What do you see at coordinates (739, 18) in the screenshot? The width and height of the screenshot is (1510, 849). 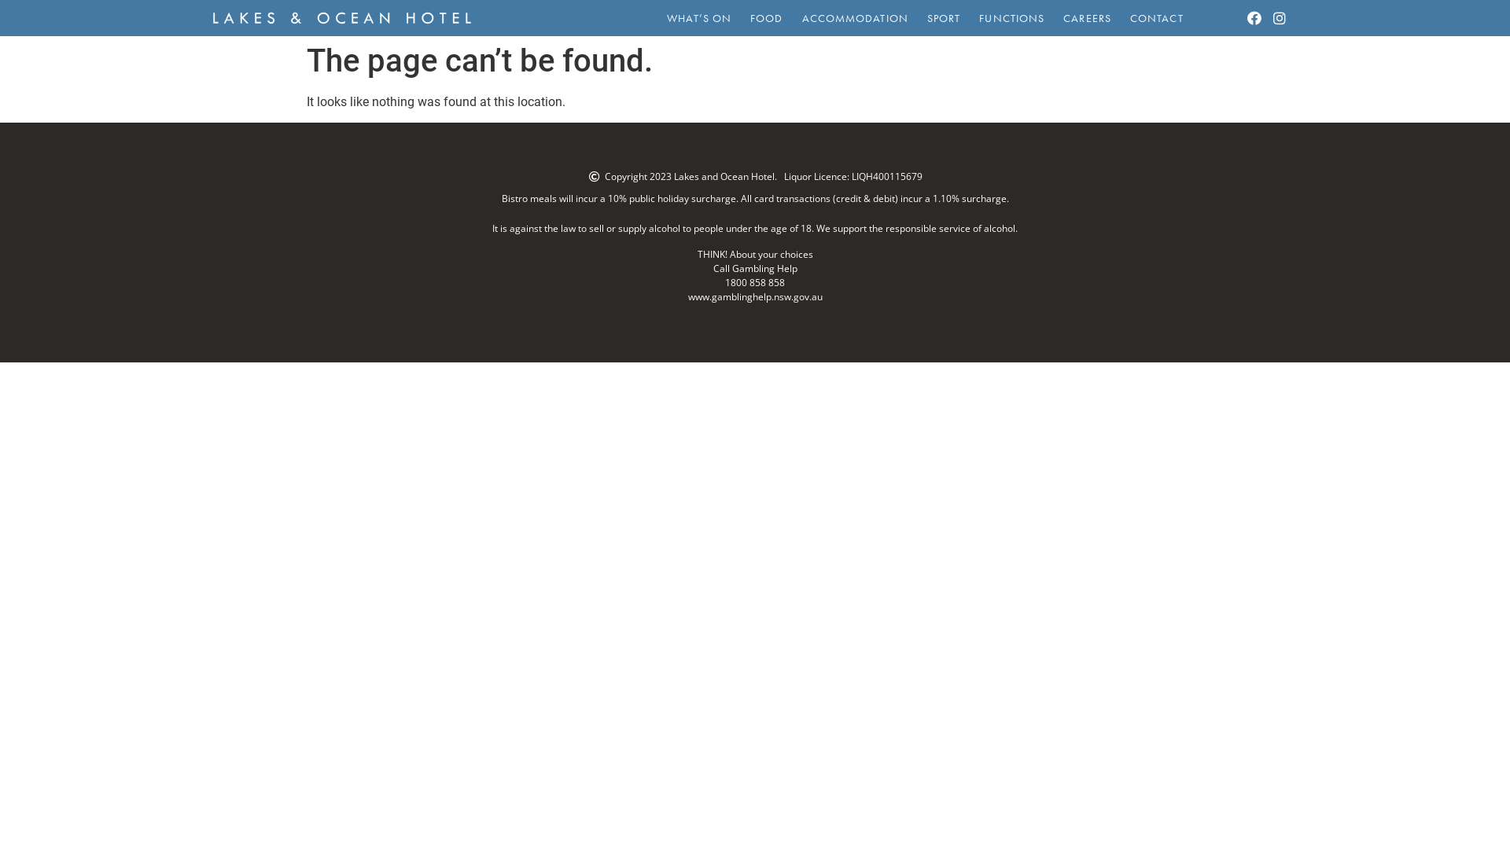 I see `'FOOD'` at bounding box center [739, 18].